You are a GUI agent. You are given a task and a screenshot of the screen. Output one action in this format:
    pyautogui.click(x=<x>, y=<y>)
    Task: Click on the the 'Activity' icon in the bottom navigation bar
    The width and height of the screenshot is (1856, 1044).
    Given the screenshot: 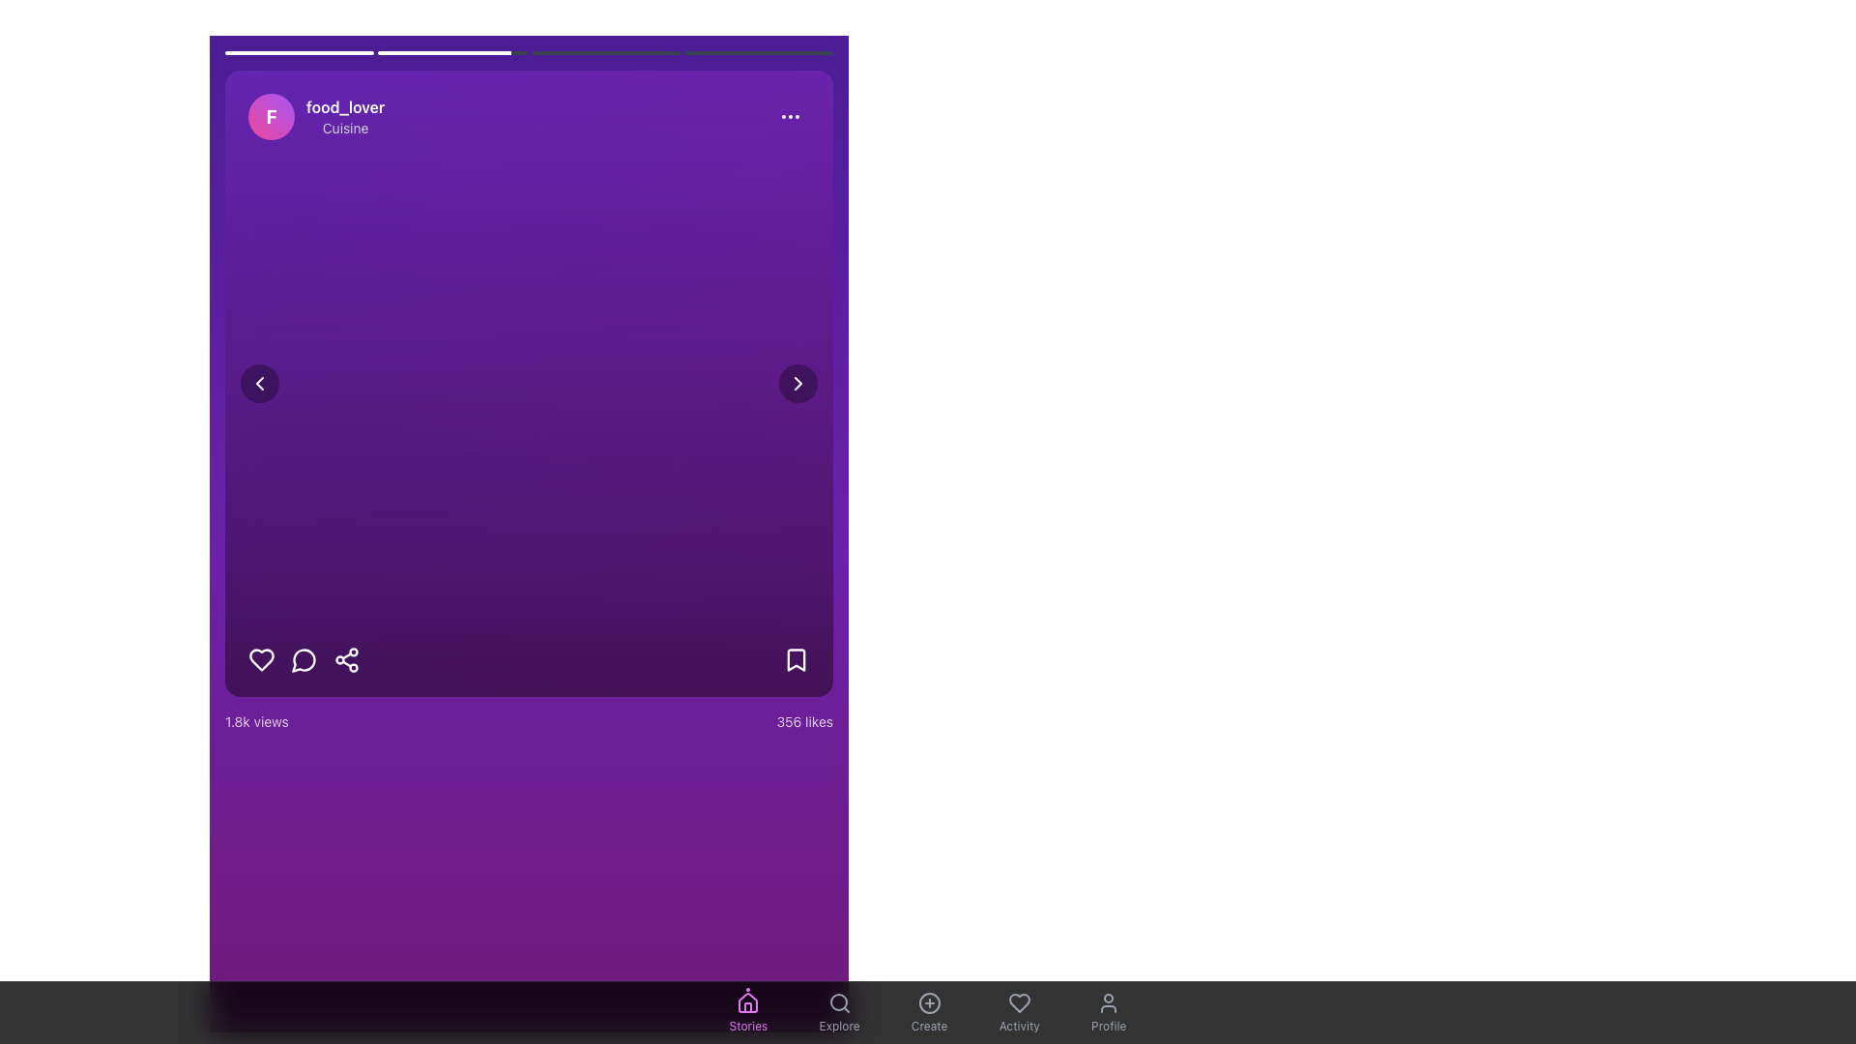 What is the action you would take?
    pyautogui.click(x=1018, y=1001)
    